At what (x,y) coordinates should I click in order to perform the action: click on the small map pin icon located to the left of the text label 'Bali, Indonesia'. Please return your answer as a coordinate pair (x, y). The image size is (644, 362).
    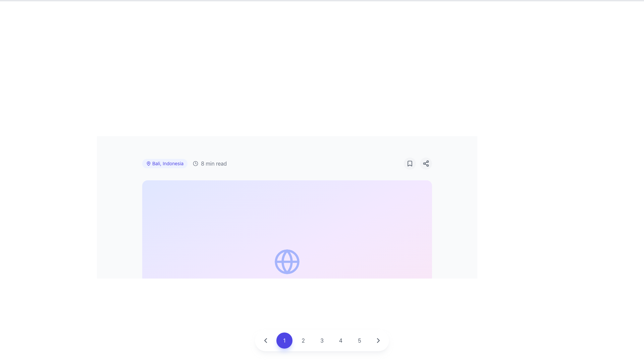
    Looking at the image, I should click on (148, 164).